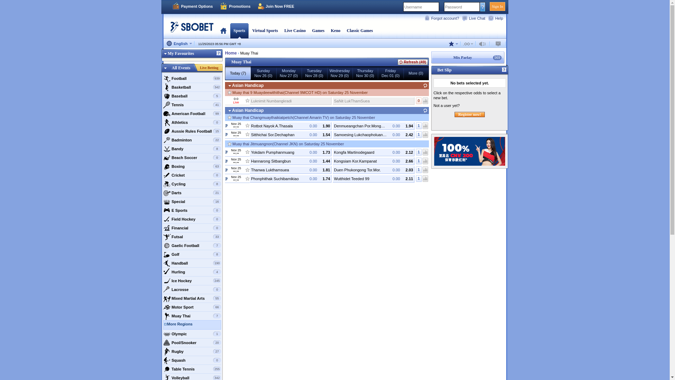 The image size is (675, 380). I want to click on '2.66, so click(373, 161).